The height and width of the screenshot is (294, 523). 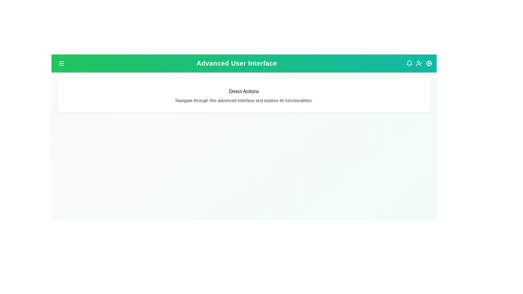 What do you see at coordinates (428, 63) in the screenshot?
I see `the settings cogwheel icon` at bounding box center [428, 63].